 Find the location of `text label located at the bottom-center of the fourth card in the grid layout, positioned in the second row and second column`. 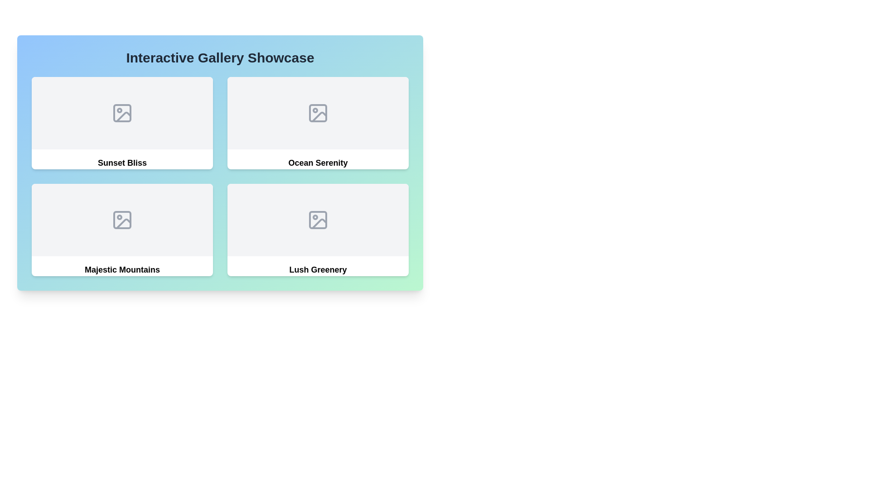

text label located at the bottom-center of the fourth card in the grid layout, positioned in the second row and second column is located at coordinates (318, 269).